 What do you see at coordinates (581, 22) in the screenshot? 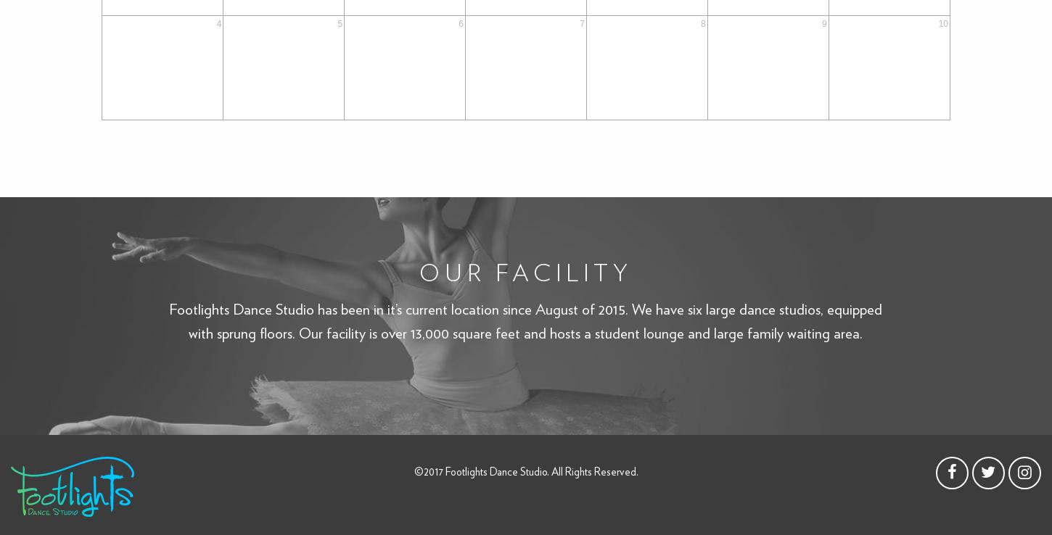
I see `'7'` at bounding box center [581, 22].